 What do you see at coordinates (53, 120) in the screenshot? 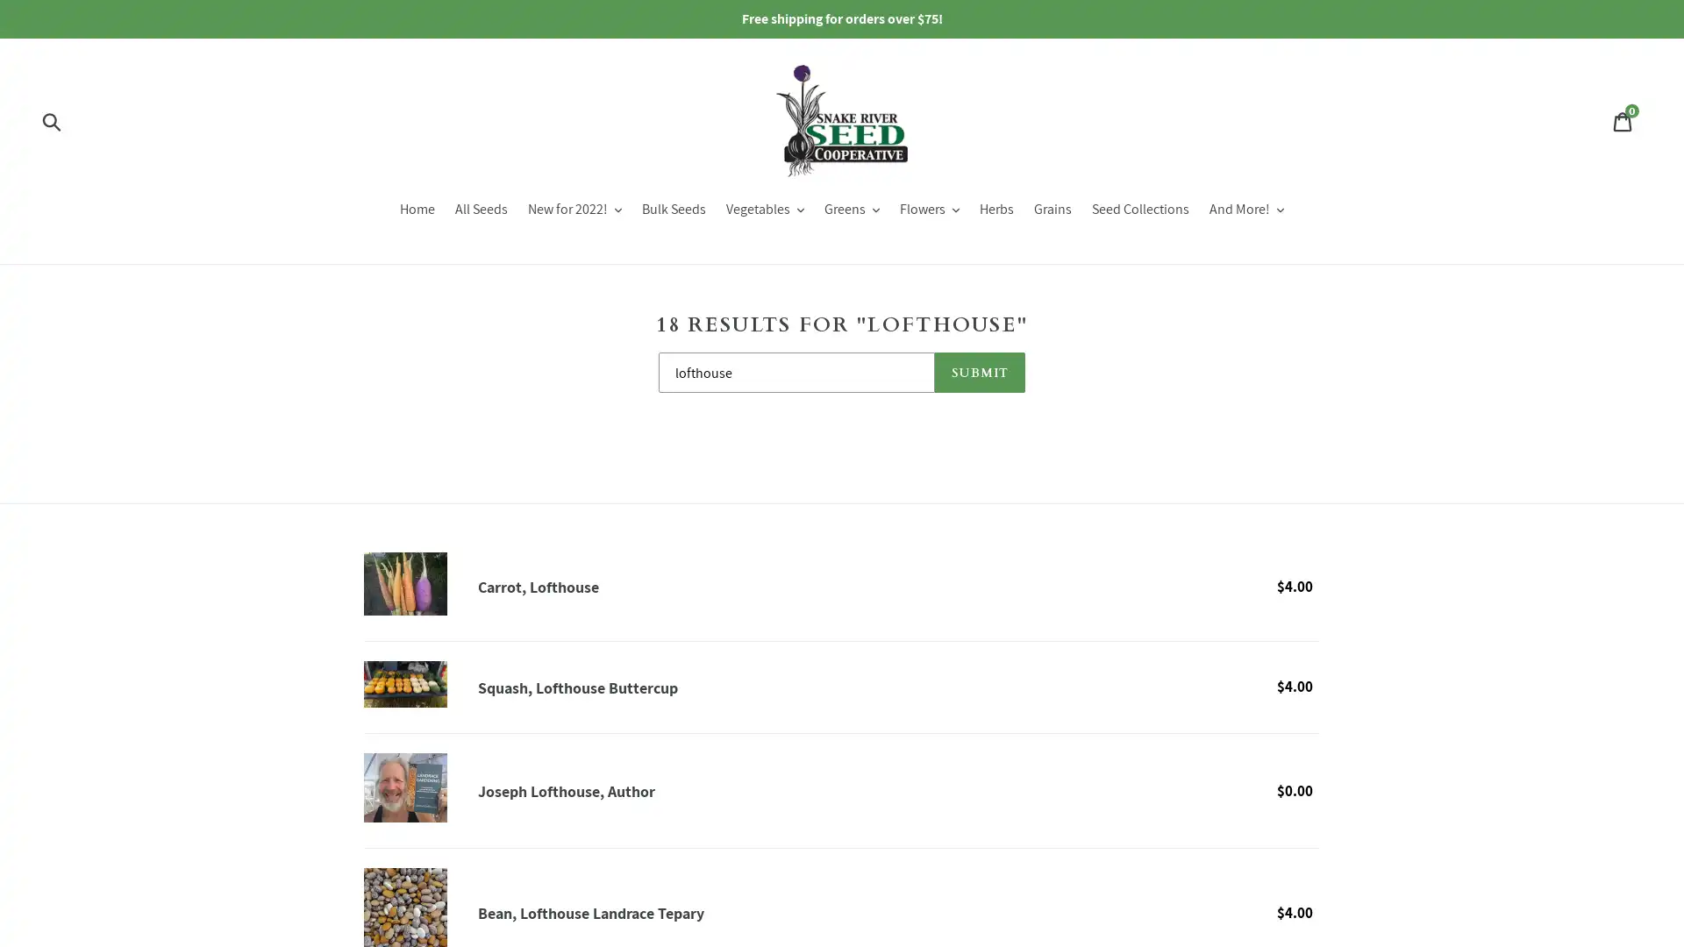
I see `Submit` at bounding box center [53, 120].